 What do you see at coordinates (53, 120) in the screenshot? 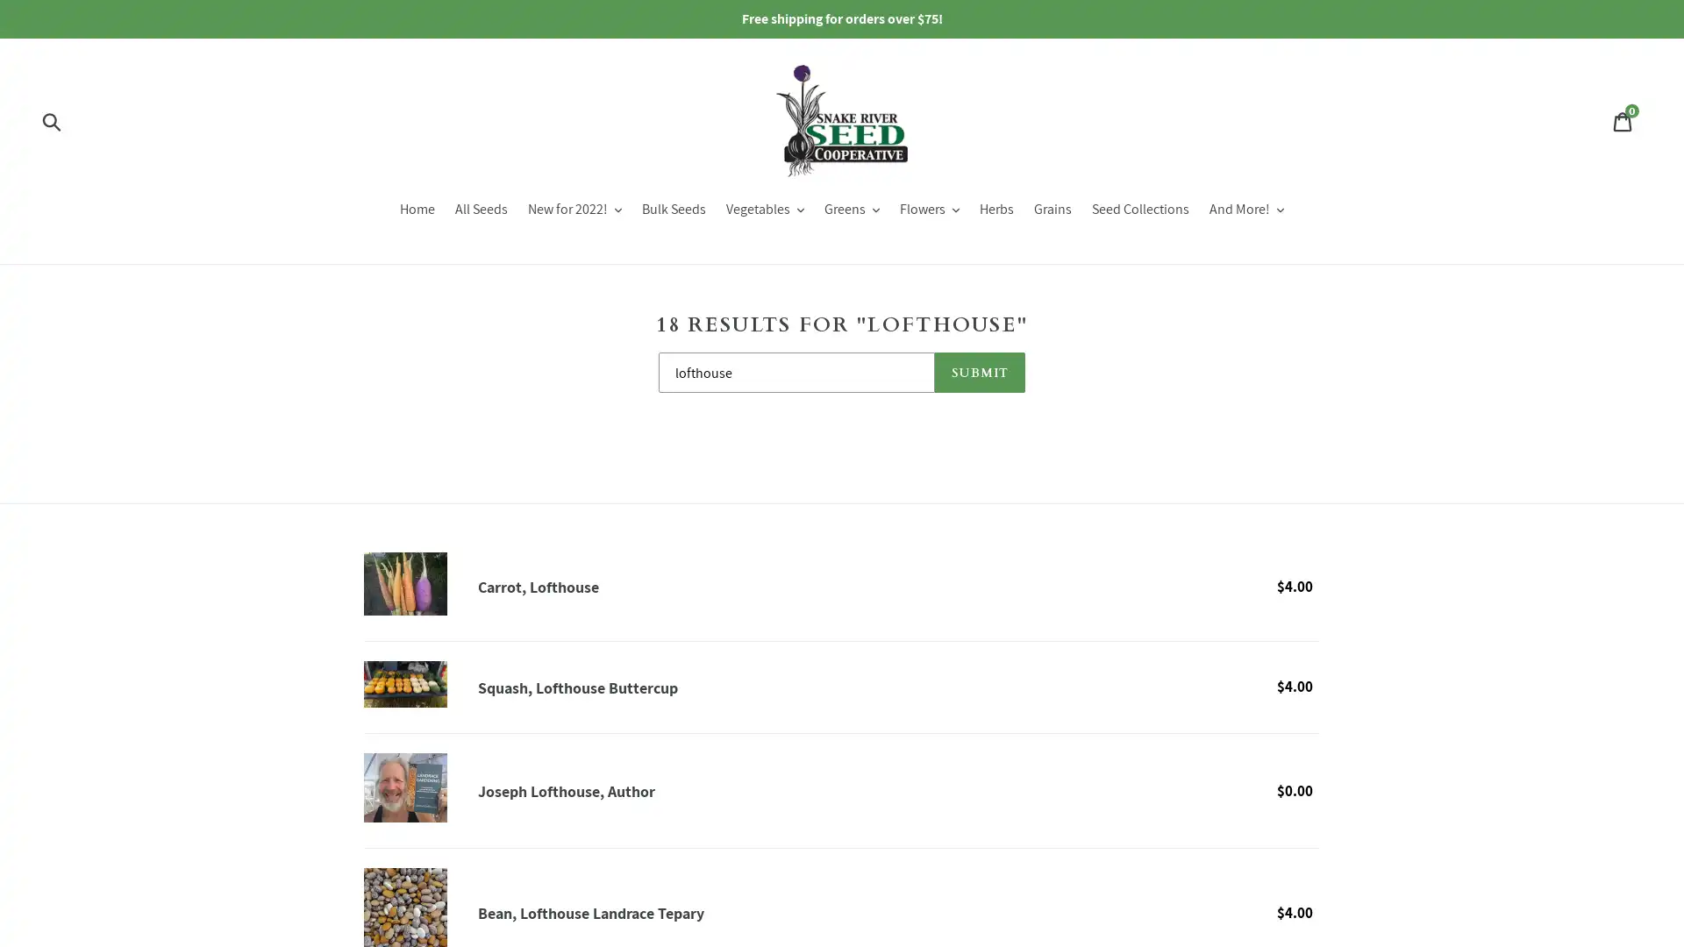
I see `Submit` at bounding box center [53, 120].